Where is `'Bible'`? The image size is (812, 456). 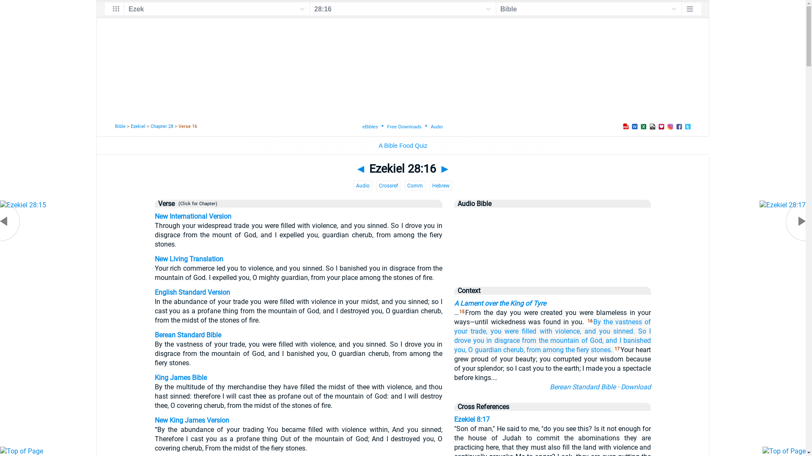 'Bible' is located at coordinates (120, 126).